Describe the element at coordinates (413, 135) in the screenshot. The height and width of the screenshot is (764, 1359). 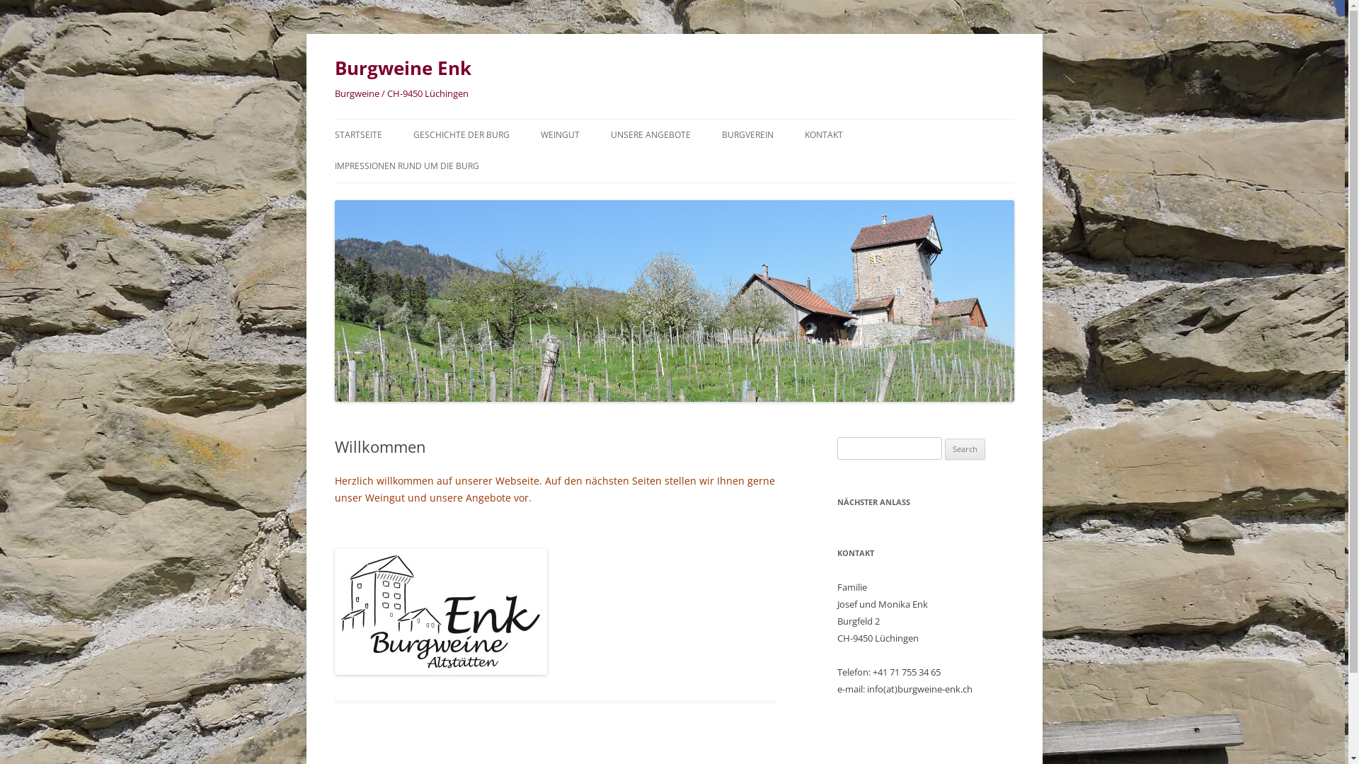
I see `'GESCHICHTE DER BURG'` at that location.